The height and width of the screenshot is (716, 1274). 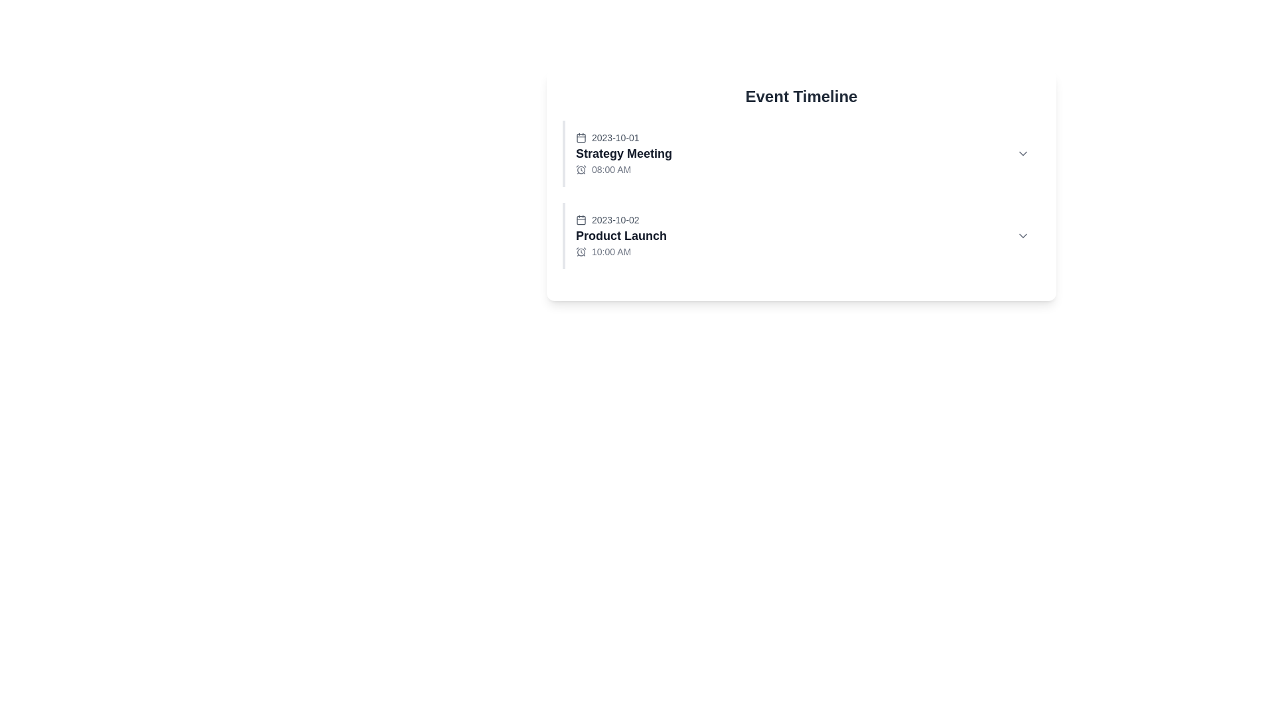 I want to click on the Information row that displays the date, title, and time of the second event in the vertical timeline layout, located under the 'Strategy Meeting' entry, so click(x=802, y=235).